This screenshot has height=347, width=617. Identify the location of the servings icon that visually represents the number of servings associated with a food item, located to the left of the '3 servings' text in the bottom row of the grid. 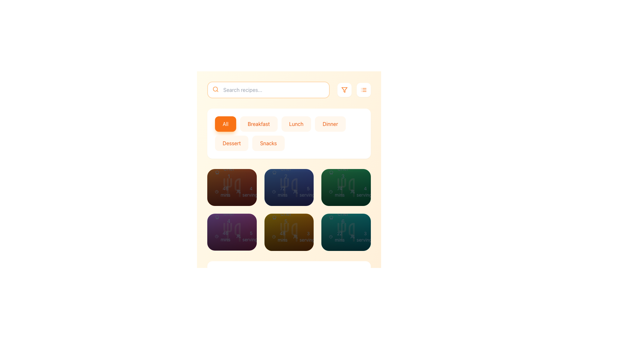
(295, 236).